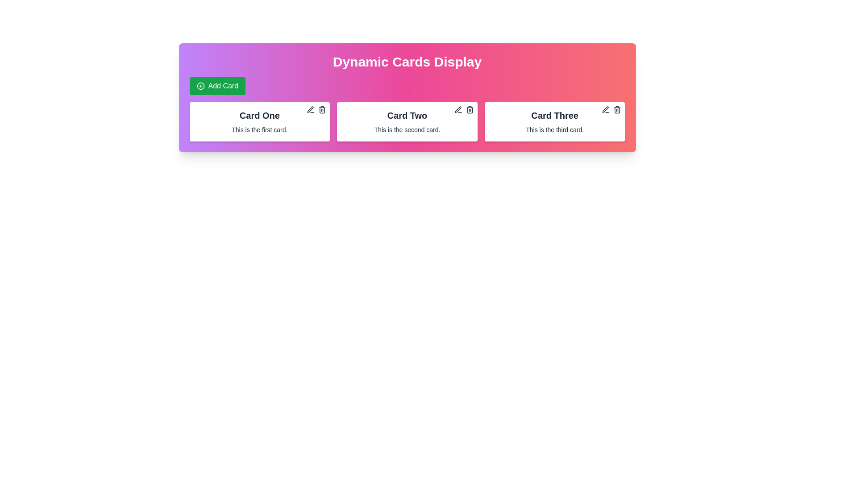 The height and width of the screenshot is (482, 857). Describe the element at coordinates (464, 109) in the screenshot. I see `the left icon button in the upper-right corner of 'Card Two'` at that location.